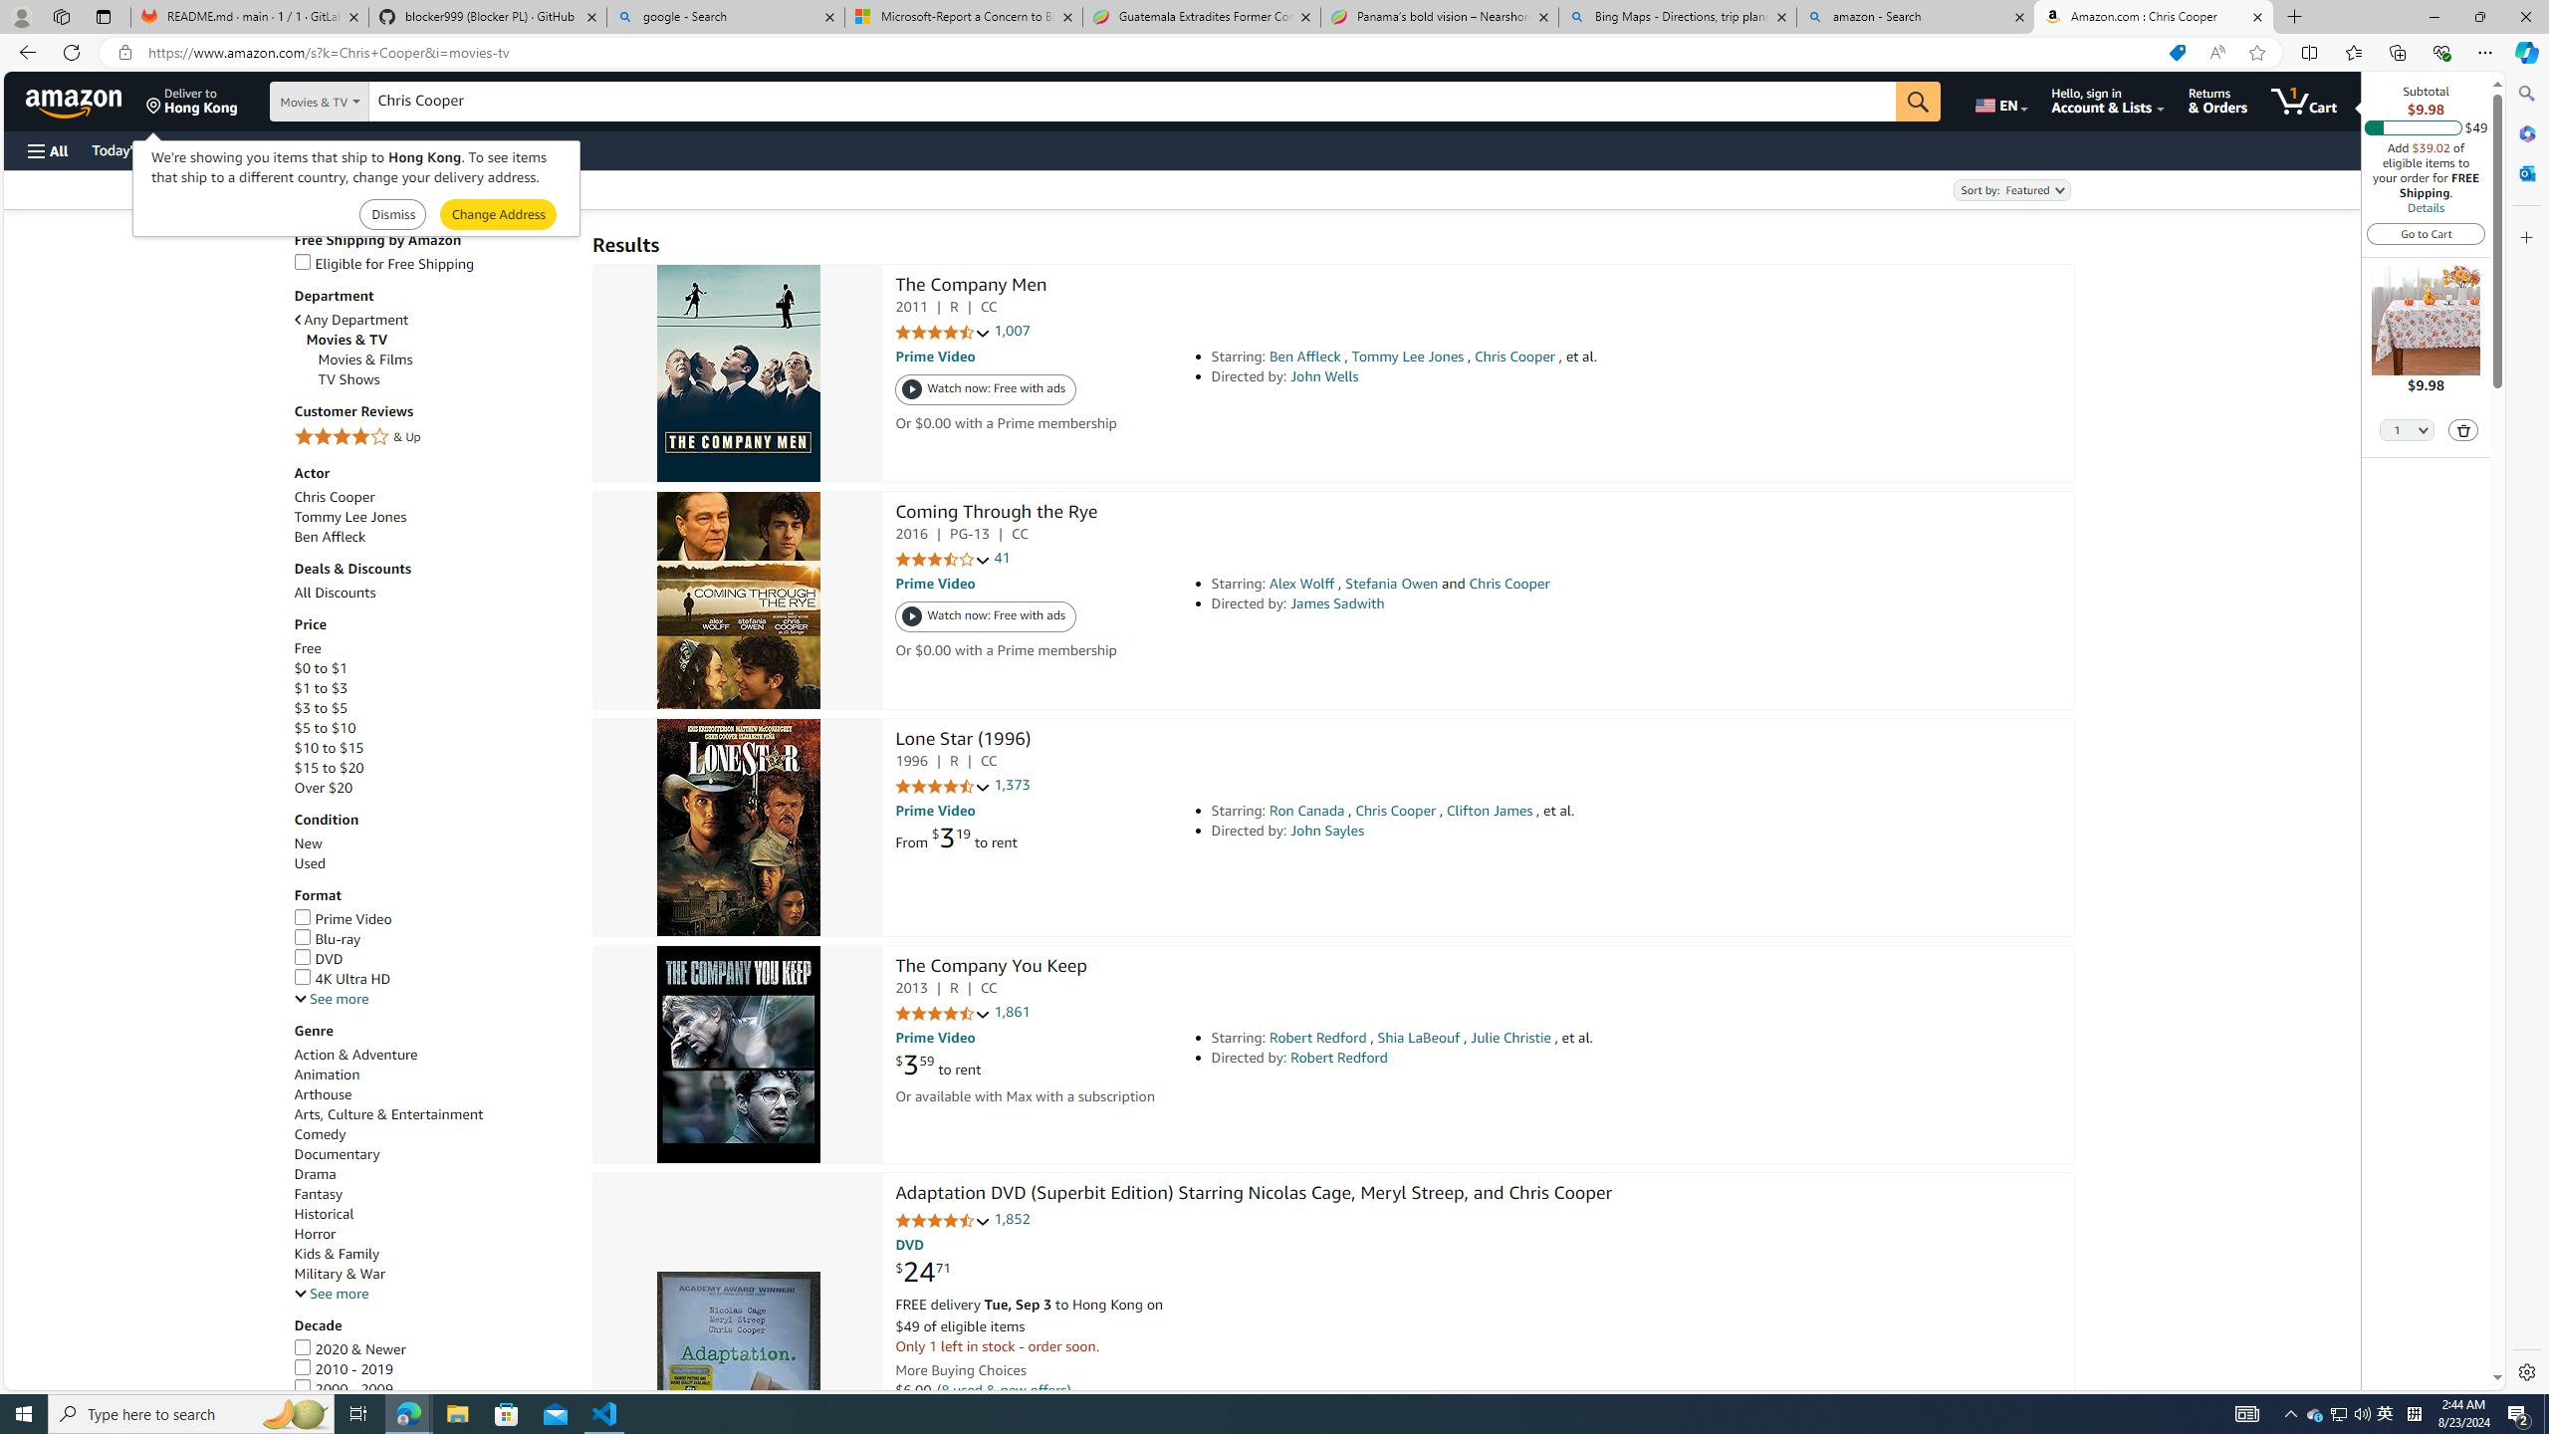 This screenshot has height=1434, width=2549. I want to click on 'New', so click(308, 842).